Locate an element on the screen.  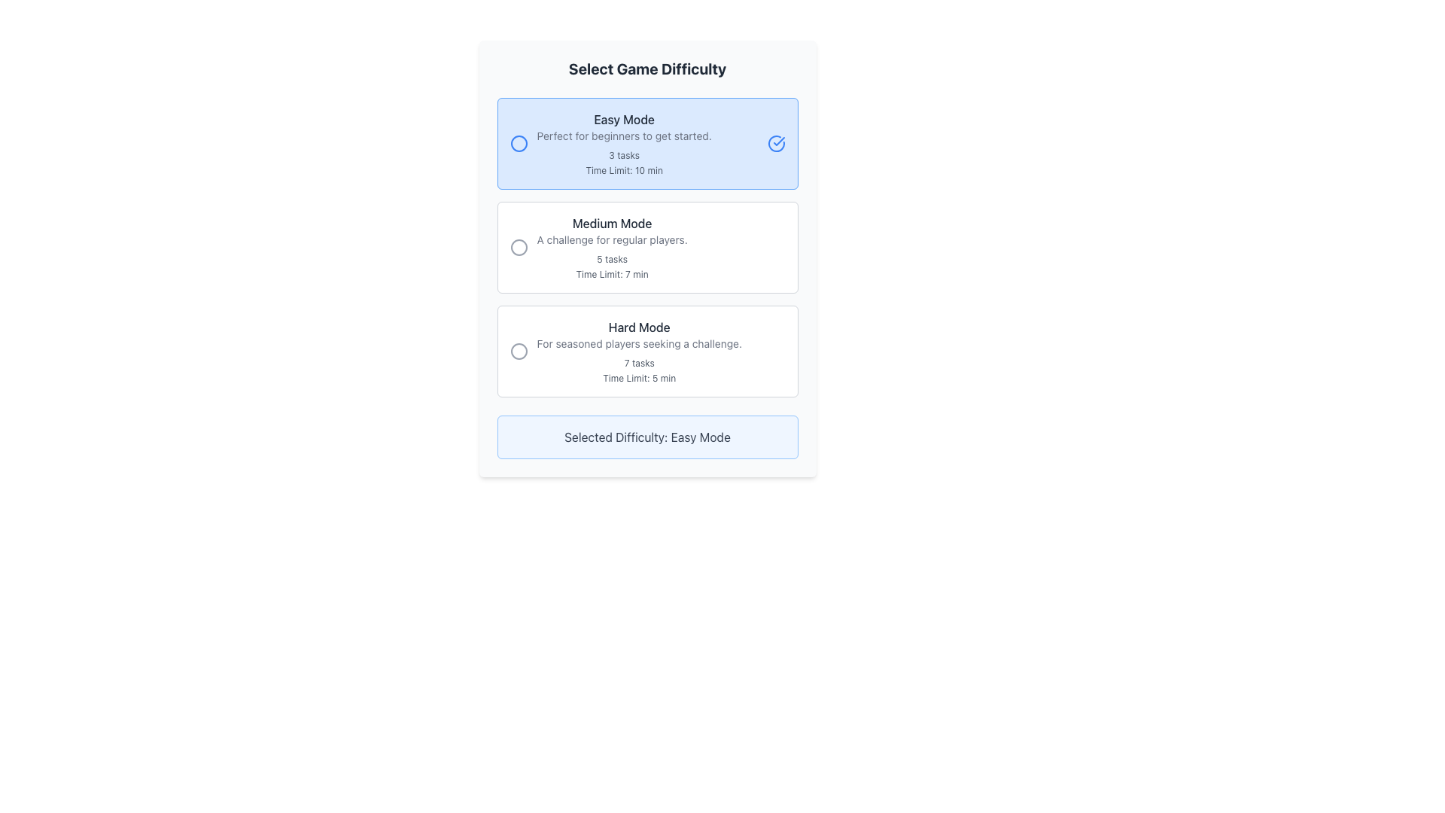
the 'Medium Mode' difficulty label in the 'Select Game Difficulty' panel, which is located between 'Easy Mode' and 'Hard Mode' is located at coordinates (612, 246).